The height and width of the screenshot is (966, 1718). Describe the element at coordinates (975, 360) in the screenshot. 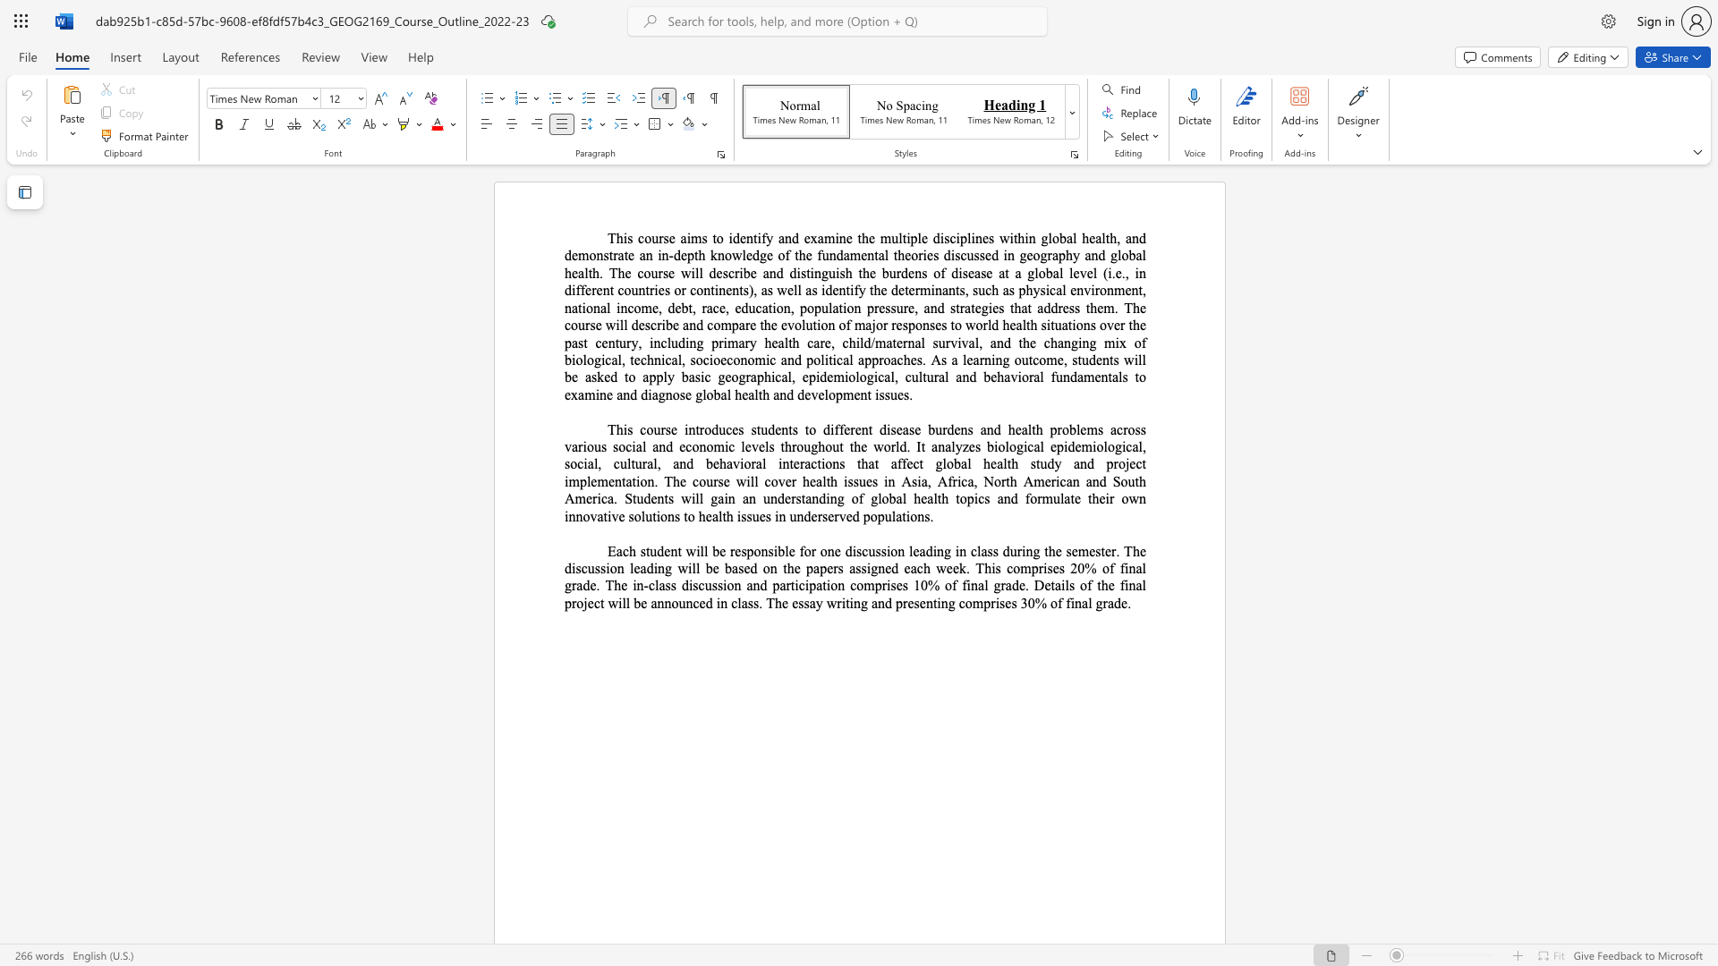

I see `the 2th character "a" in the text` at that location.